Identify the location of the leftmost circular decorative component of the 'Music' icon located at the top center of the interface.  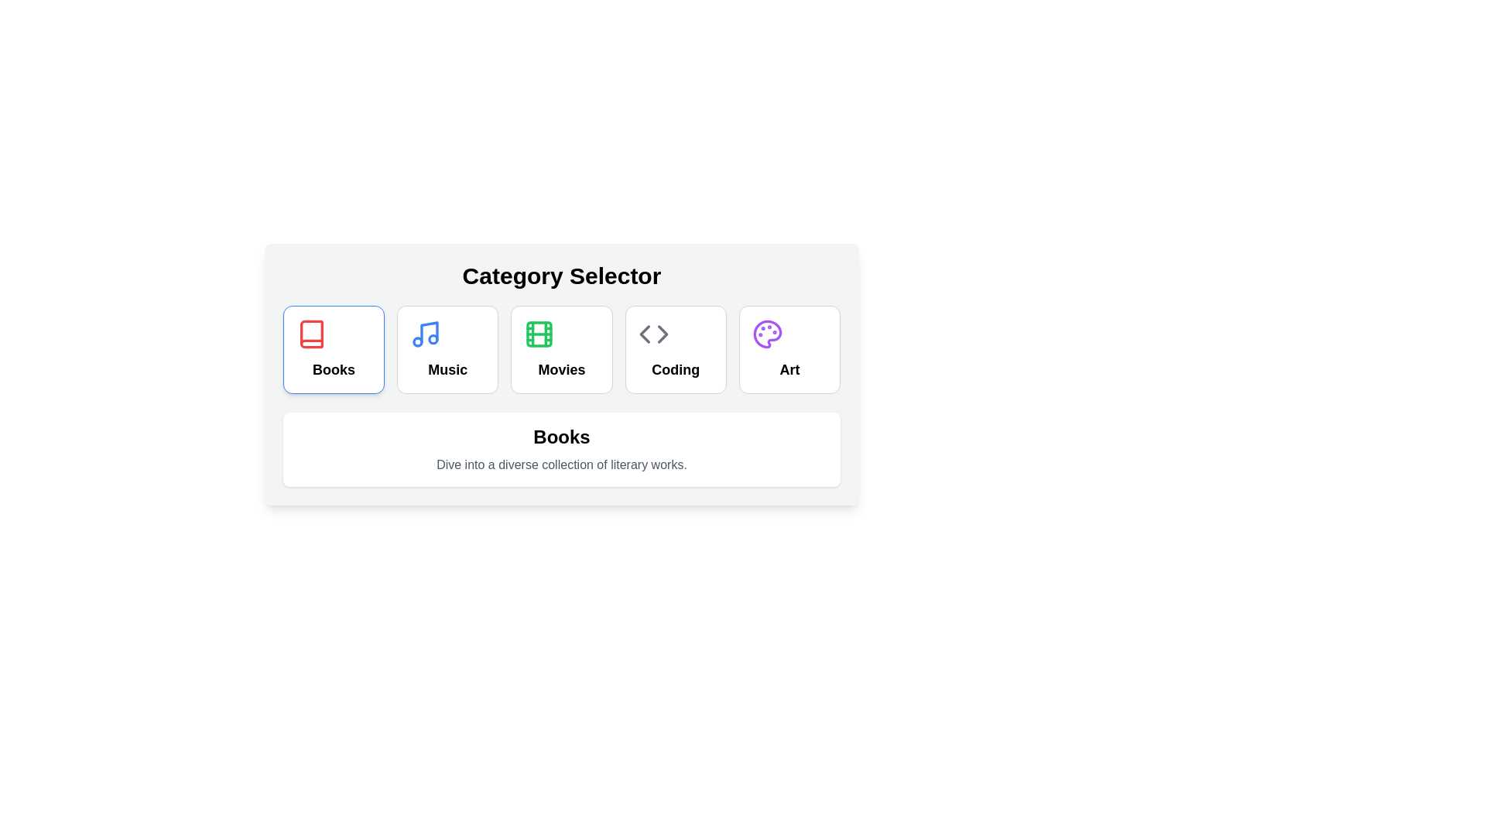
(418, 341).